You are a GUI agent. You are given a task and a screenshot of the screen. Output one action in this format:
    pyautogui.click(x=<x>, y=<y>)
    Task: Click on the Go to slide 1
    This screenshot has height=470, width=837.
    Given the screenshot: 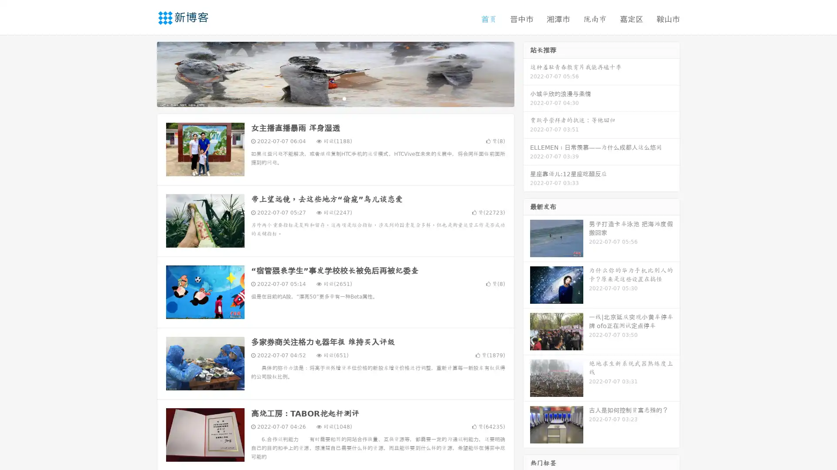 What is the action you would take?
    pyautogui.click(x=326, y=98)
    